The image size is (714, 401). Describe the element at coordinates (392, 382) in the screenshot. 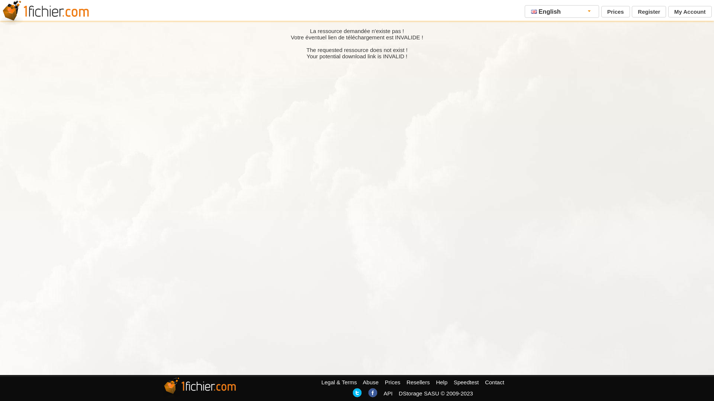

I see `'Prices'` at that location.